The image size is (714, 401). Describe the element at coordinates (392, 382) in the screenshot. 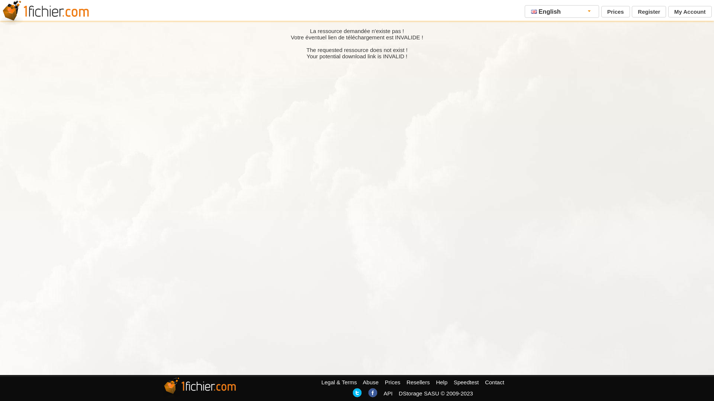

I see `'Prices'` at that location.